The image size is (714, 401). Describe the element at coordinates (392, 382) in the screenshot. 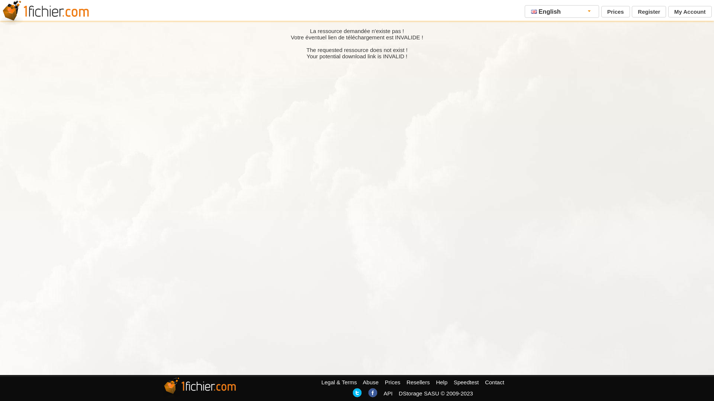

I see `'Prices'` at that location.